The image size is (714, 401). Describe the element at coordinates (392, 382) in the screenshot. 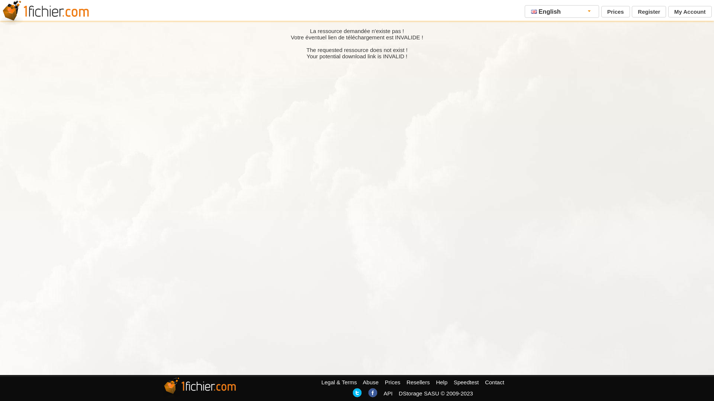

I see `'Prices'` at that location.